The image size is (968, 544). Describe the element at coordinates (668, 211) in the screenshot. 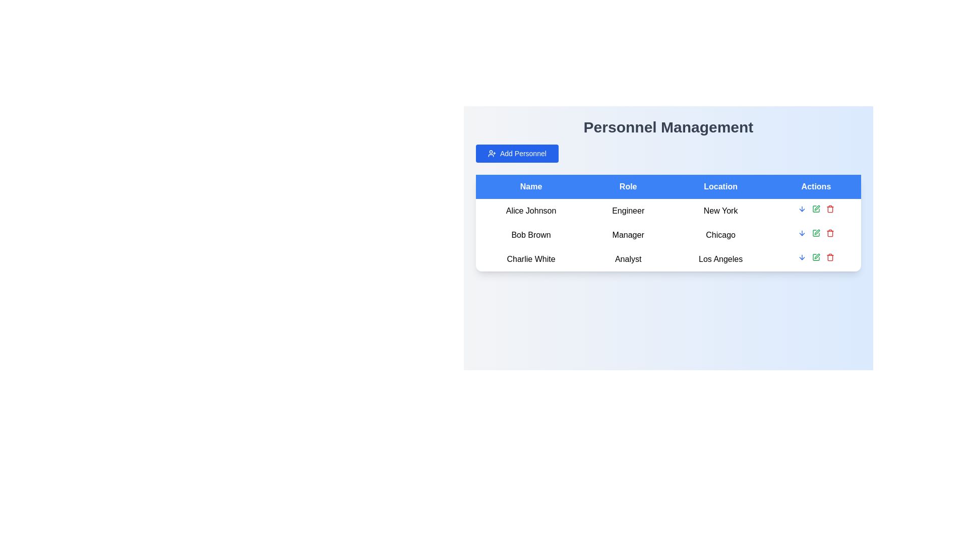

I see `to select the first row in the personnel management table, which contains details of an individual including their name, role, and location` at that location.